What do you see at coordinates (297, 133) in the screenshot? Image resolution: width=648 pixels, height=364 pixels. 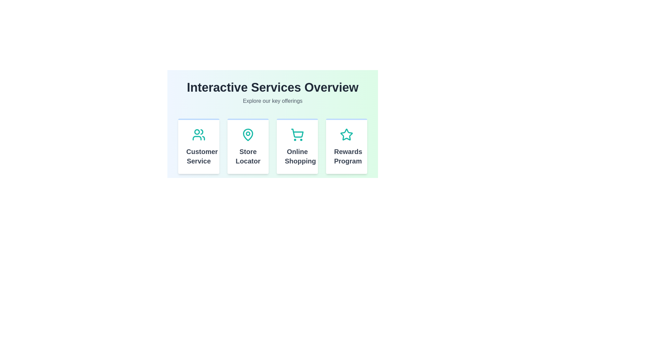 I see `the shopping cart icon located within the 'Online Shopping' card, which is the third card in a row of four cards under the 'Interactive Services Overview' heading` at bounding box center [297, 133].